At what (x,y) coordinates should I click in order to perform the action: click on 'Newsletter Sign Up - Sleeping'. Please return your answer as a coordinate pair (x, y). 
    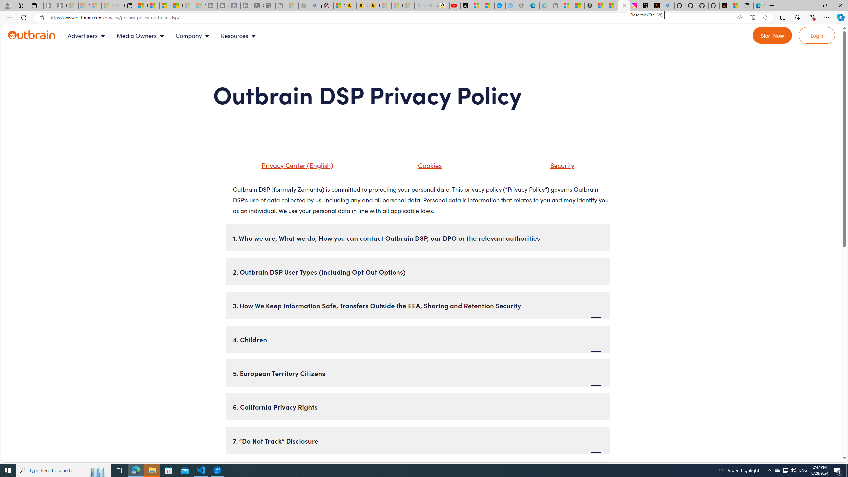
    Looking at the image, I should click on (61, 5).